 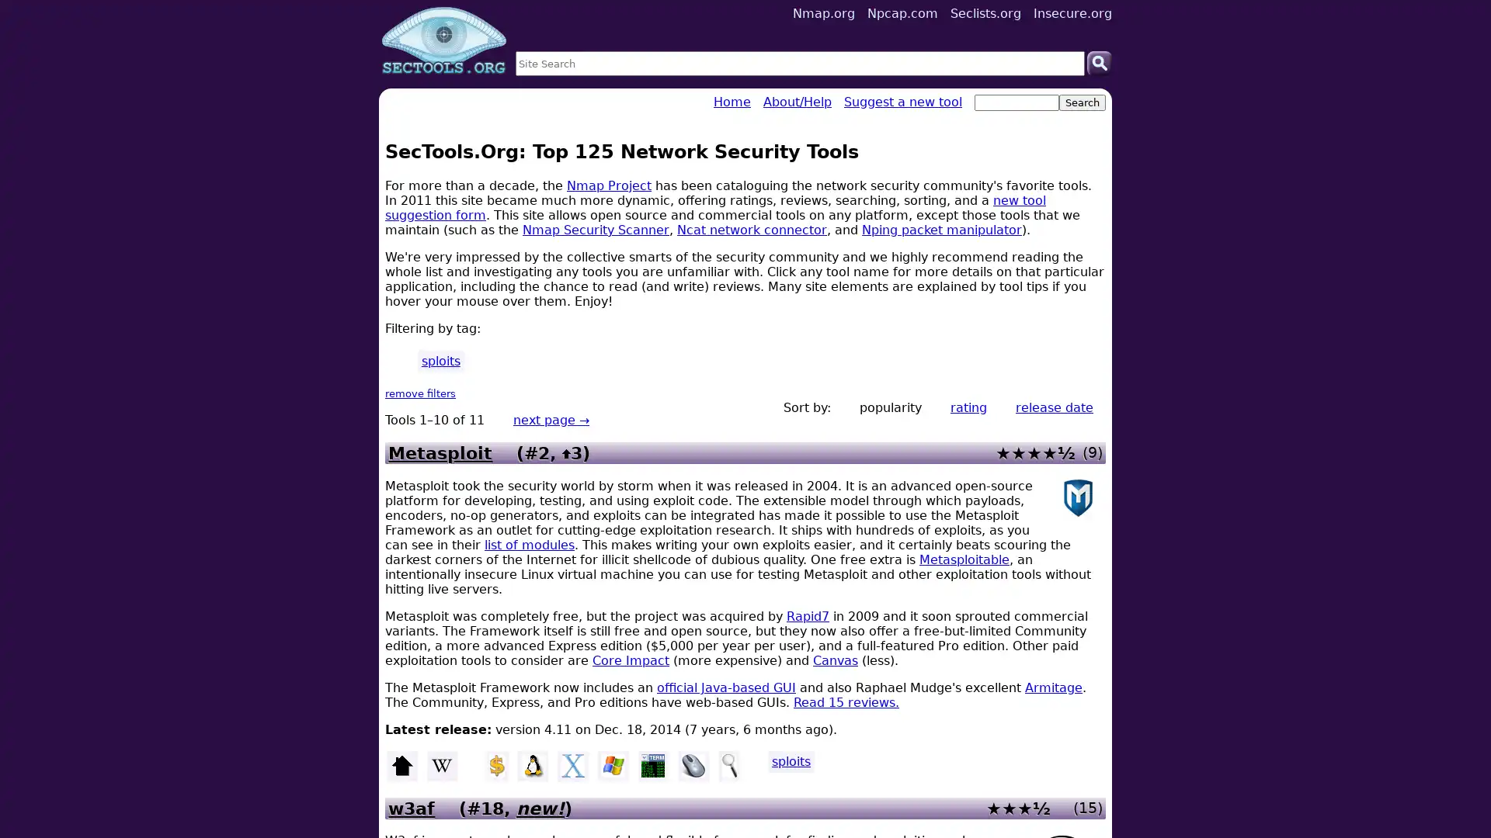 What do you see at coordinates (1081, 102) in the screenshot?
I see `Search` at bounding box center [1081, 102].